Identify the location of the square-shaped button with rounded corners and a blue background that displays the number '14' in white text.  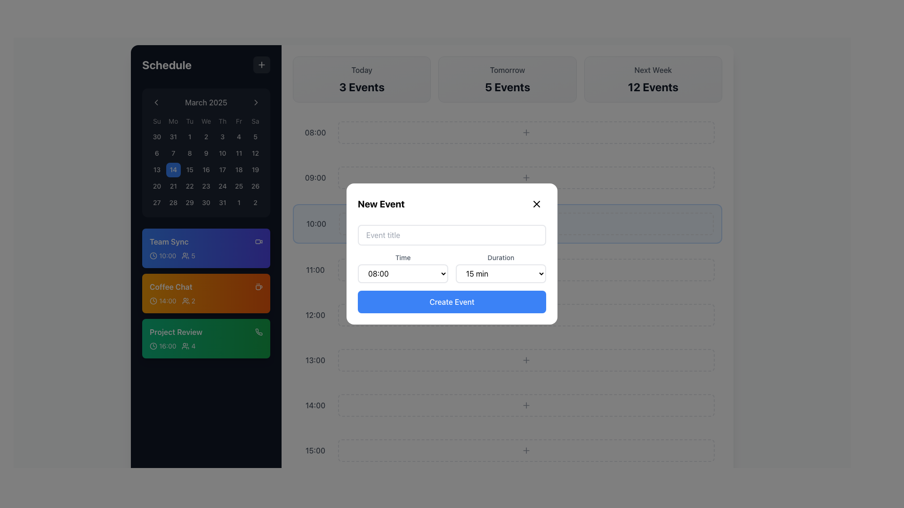
(173, 170).